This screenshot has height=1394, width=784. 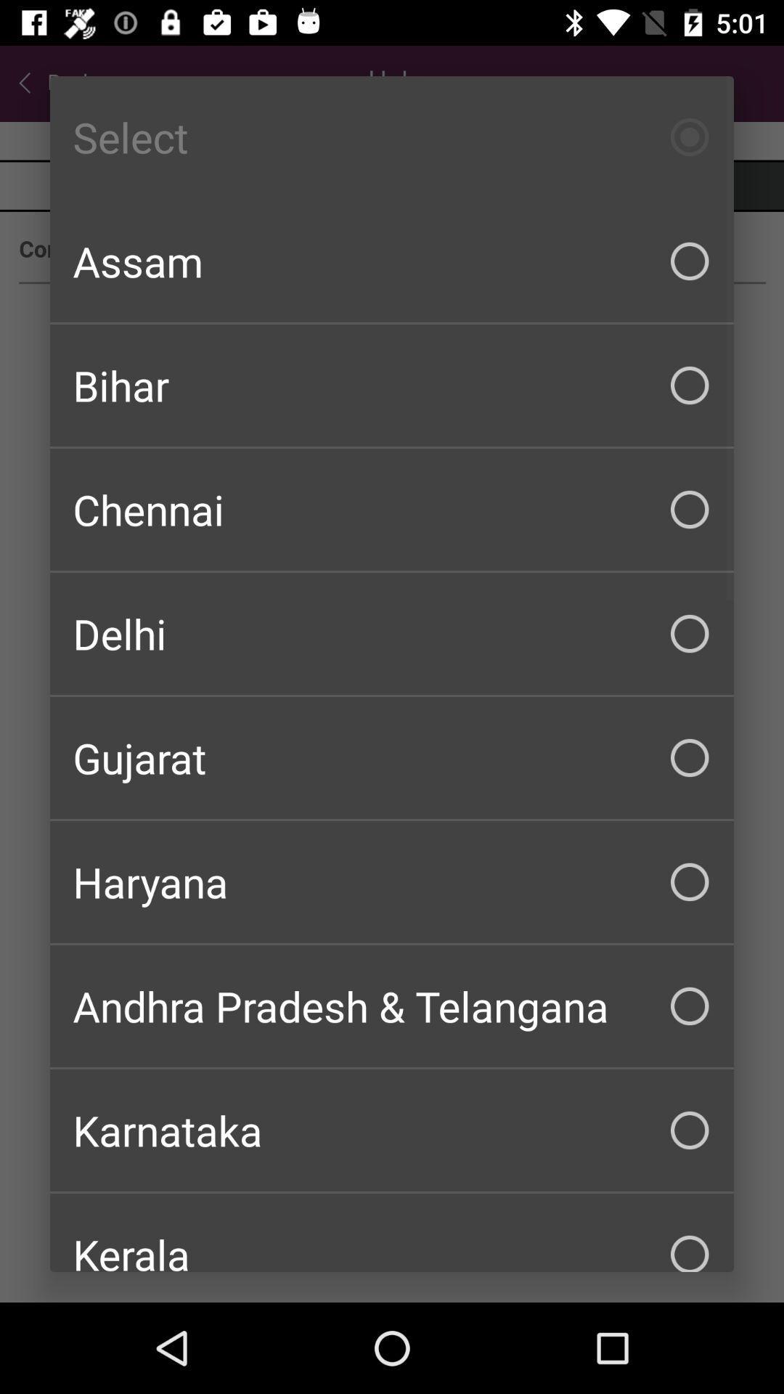 I want to click on icon above delhi icon, so click(x=392, y=509).